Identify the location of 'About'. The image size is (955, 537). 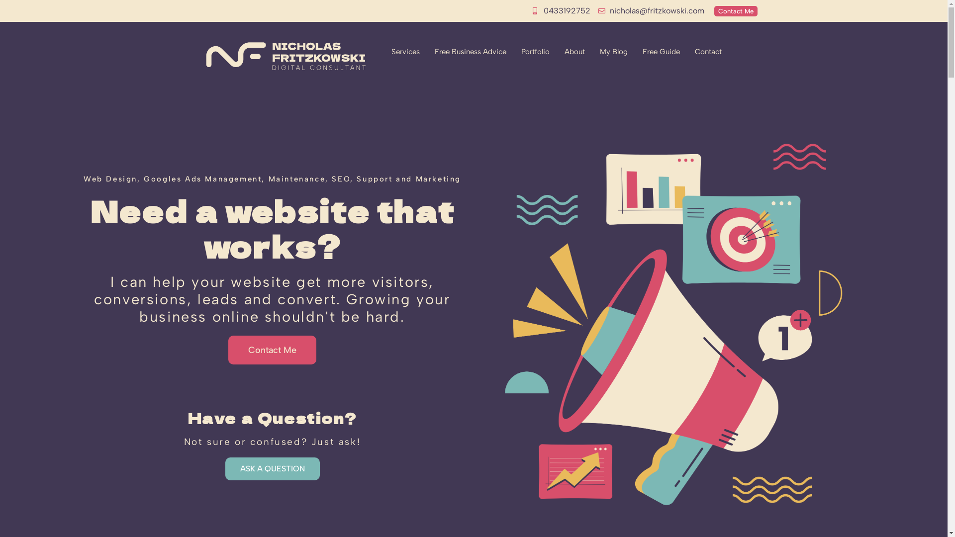
(556, 52).